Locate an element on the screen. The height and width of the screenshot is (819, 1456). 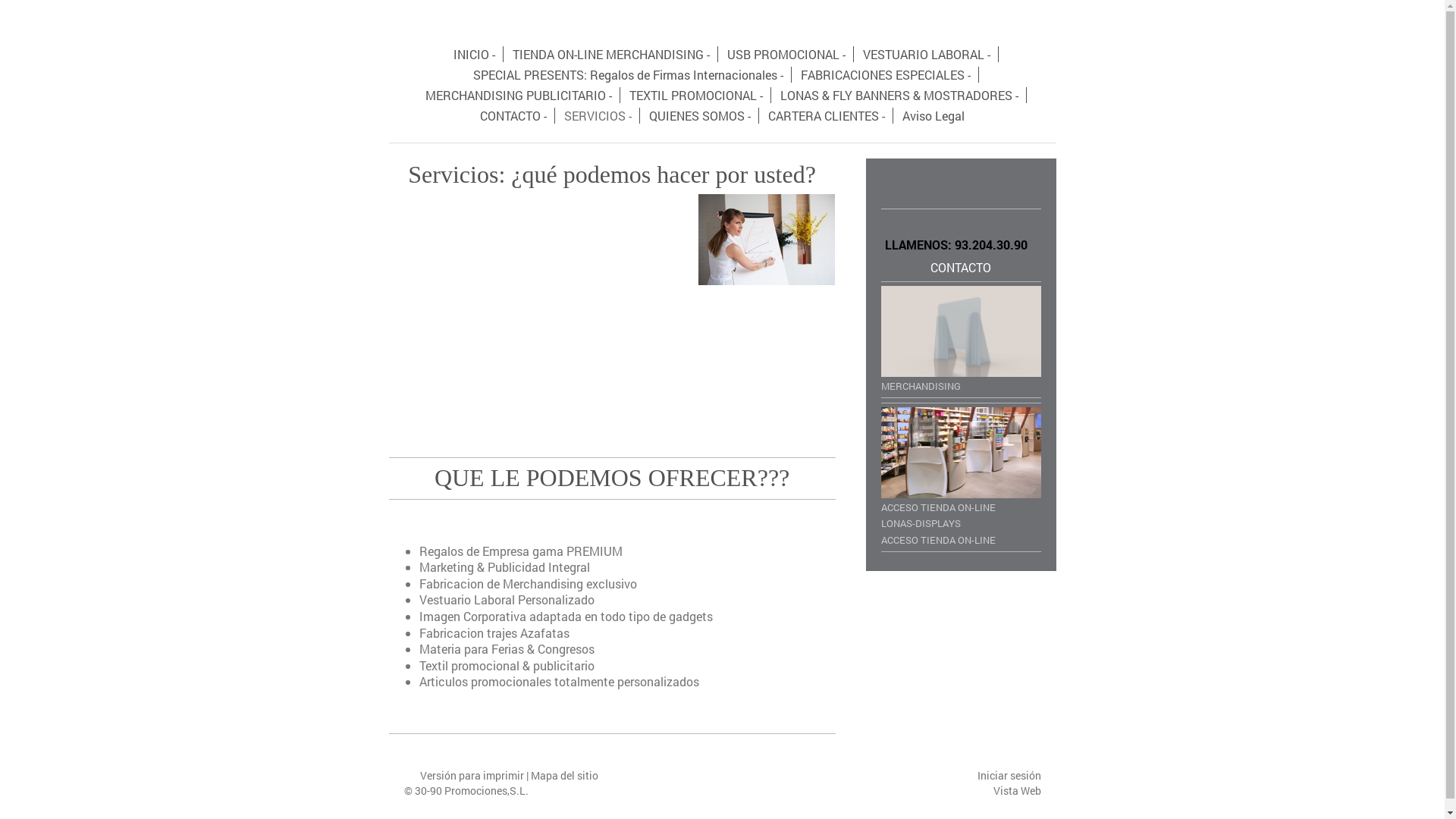
'CONTACTO' is located at coordinates (960, 266).